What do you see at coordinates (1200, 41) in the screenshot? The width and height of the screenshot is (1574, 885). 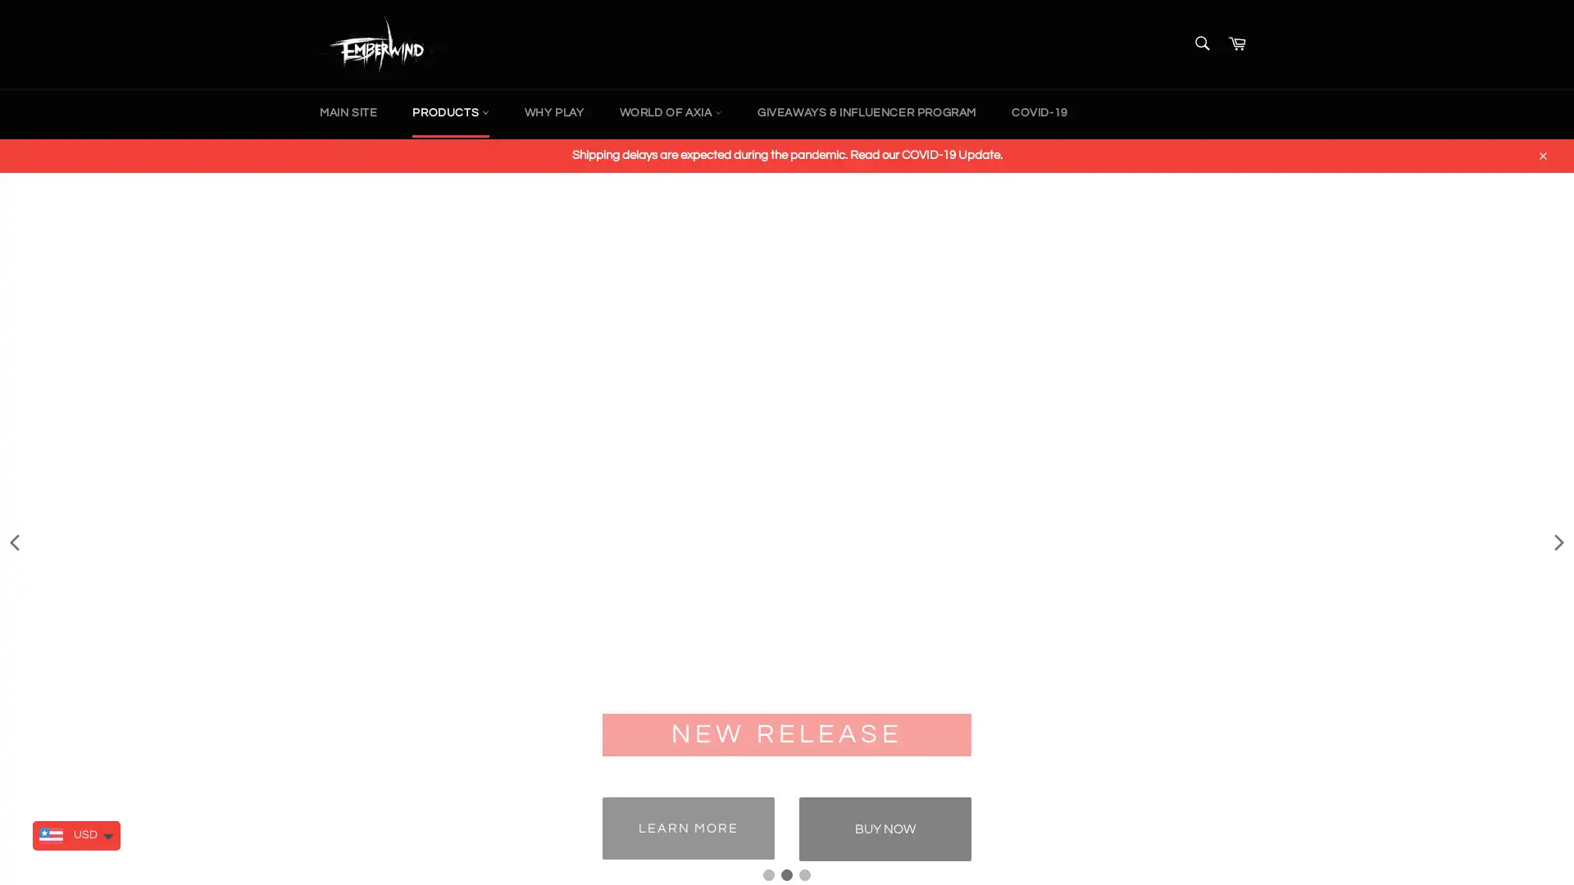 I see `Search` at bounding box center [1200, 41].